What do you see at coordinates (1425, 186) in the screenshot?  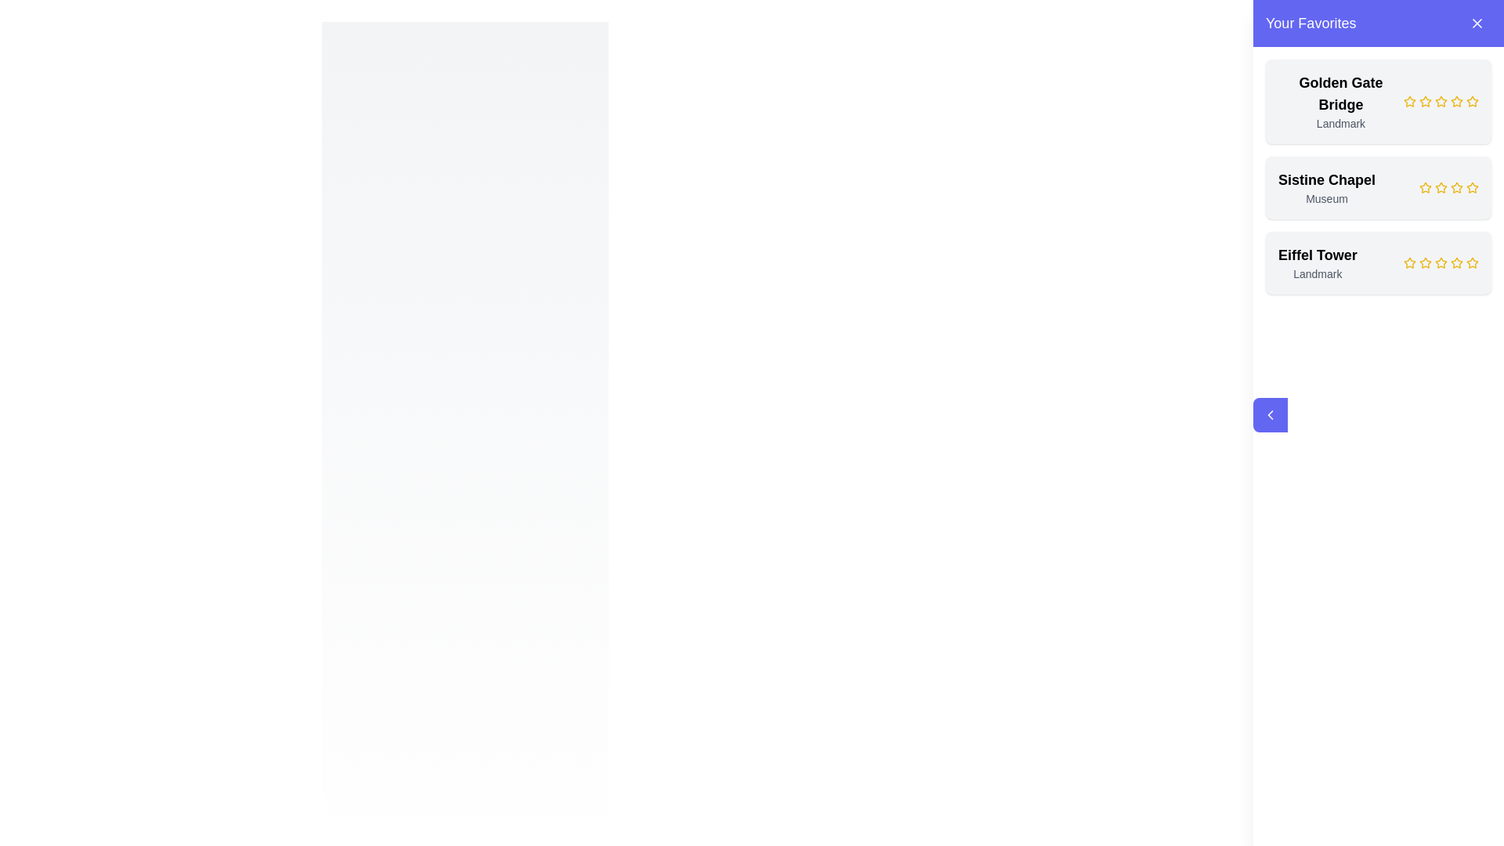 I see `from the first star icon in the rating system` at bounding box center [1425, 186].